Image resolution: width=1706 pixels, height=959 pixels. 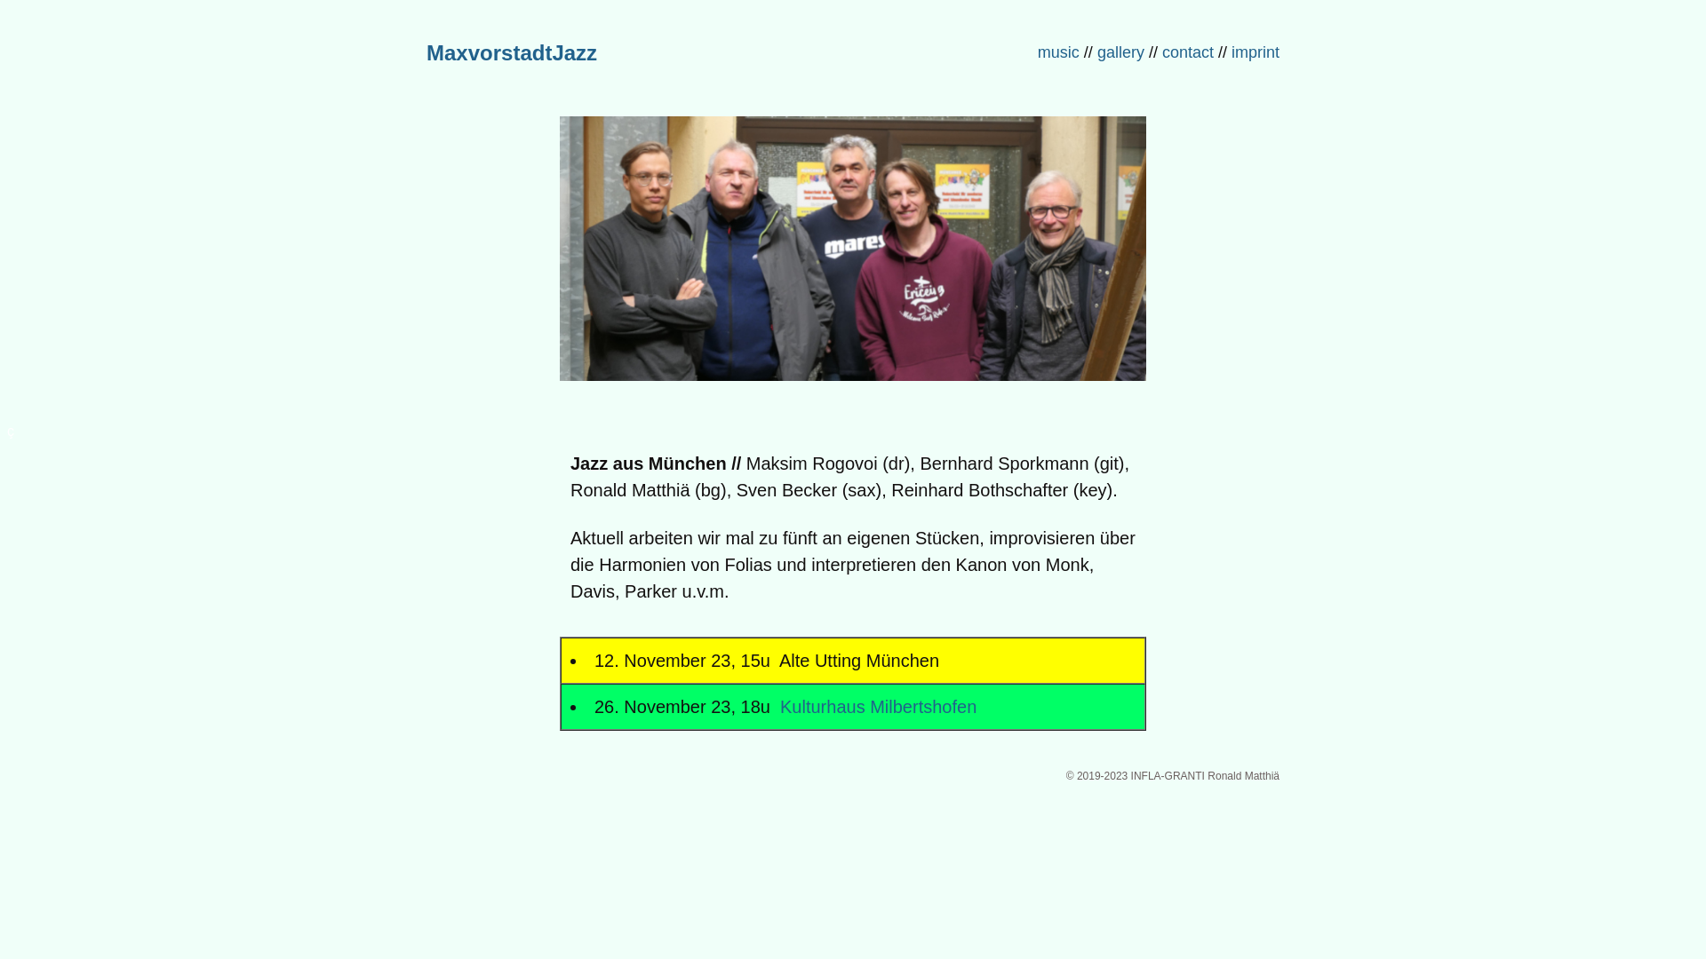 What do you see at coordinates (875, 705) in the screenshot?
I see `' Kulturhaus Milbertshofen'` at bounding box center [875, 705].